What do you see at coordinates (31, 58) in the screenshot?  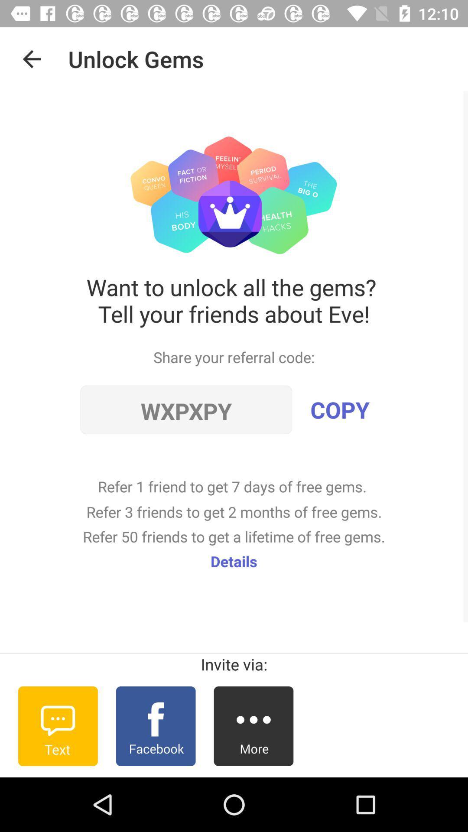 I see `the item above the want to unlock` at bounding box center [31, 58].